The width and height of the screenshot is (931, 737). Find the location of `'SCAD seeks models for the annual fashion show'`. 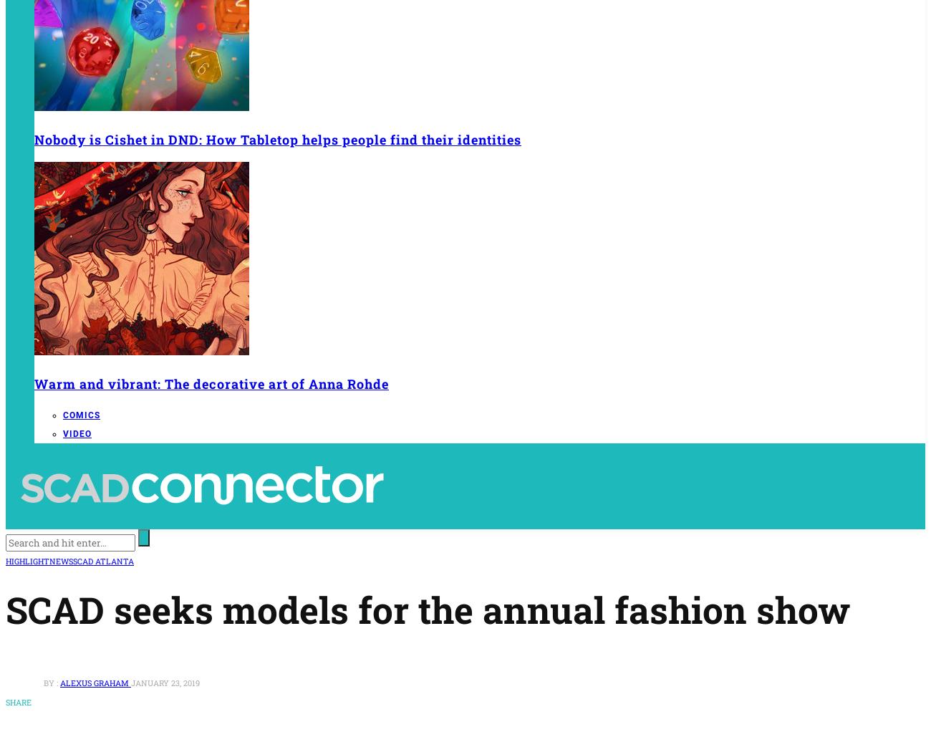

'SCAD seeks models for the annual fashion show' is located at coordinates (428, 609).